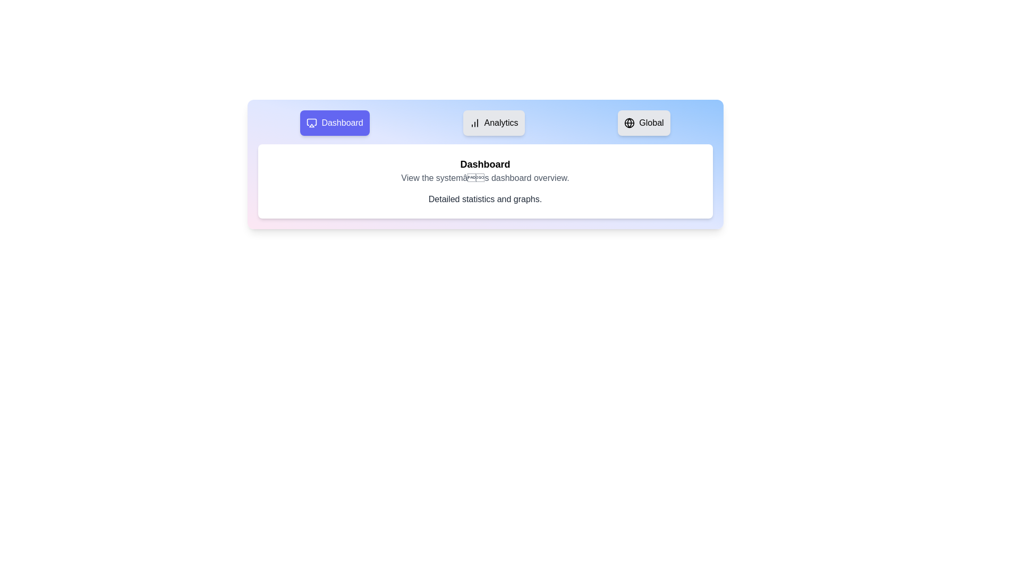 The image size is (1020, 573). Describe the element at coordinates (643, 122) in the screenshot. I see `the Global tab` at that location.